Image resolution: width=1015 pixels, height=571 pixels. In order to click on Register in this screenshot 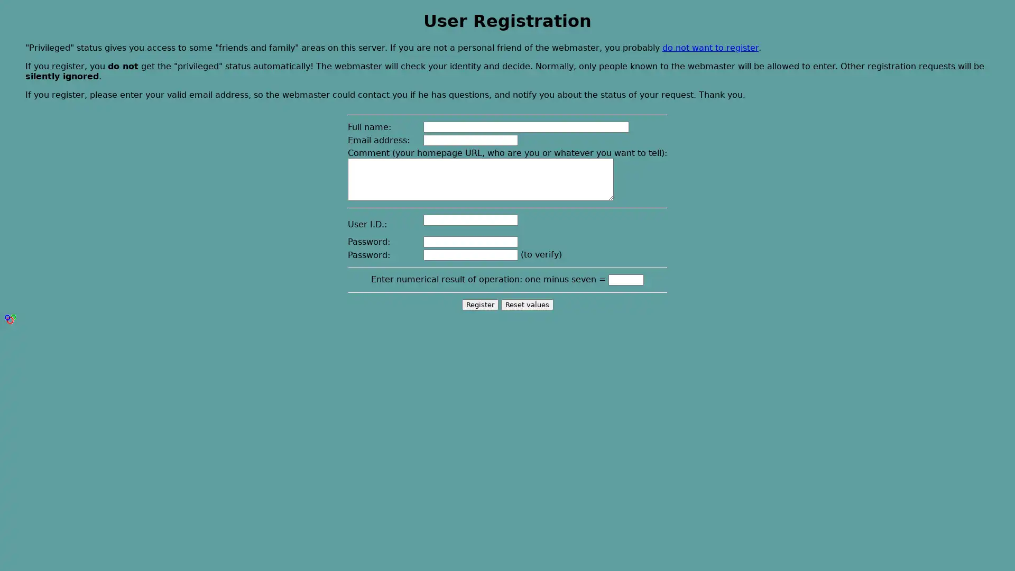, I will do `click(479, 304)`.